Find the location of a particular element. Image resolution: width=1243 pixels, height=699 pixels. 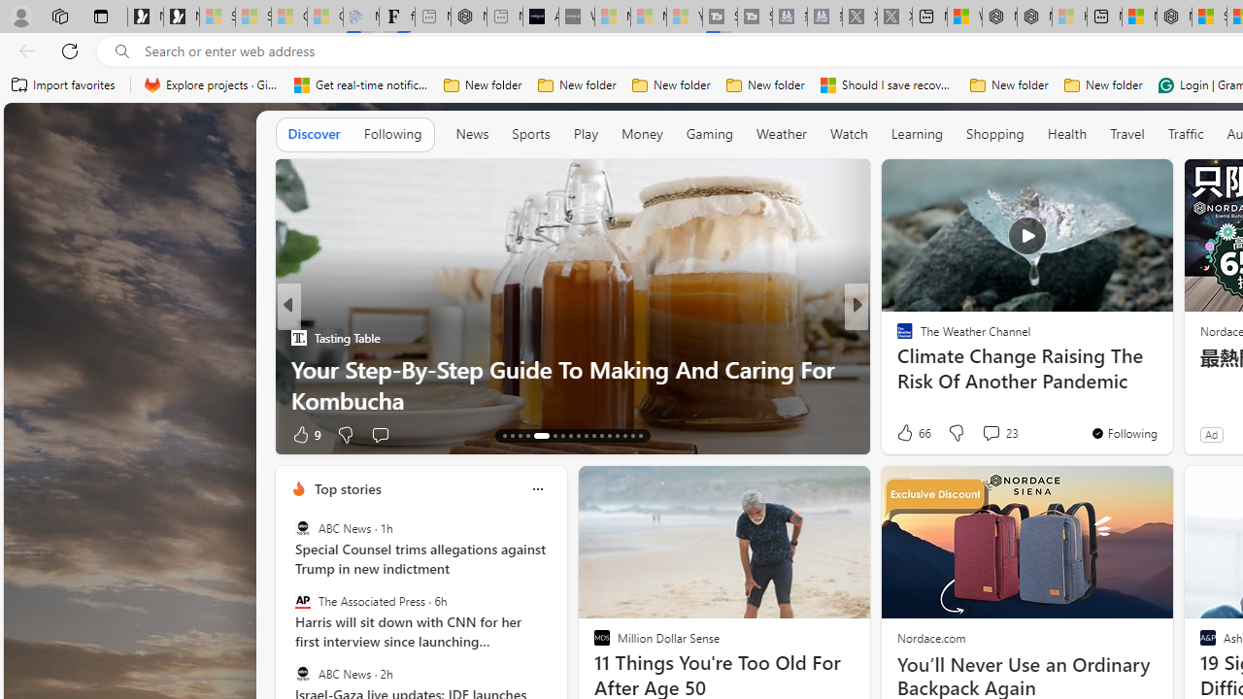

'View comments 2 Comment' is located at coordinates (991, 433).